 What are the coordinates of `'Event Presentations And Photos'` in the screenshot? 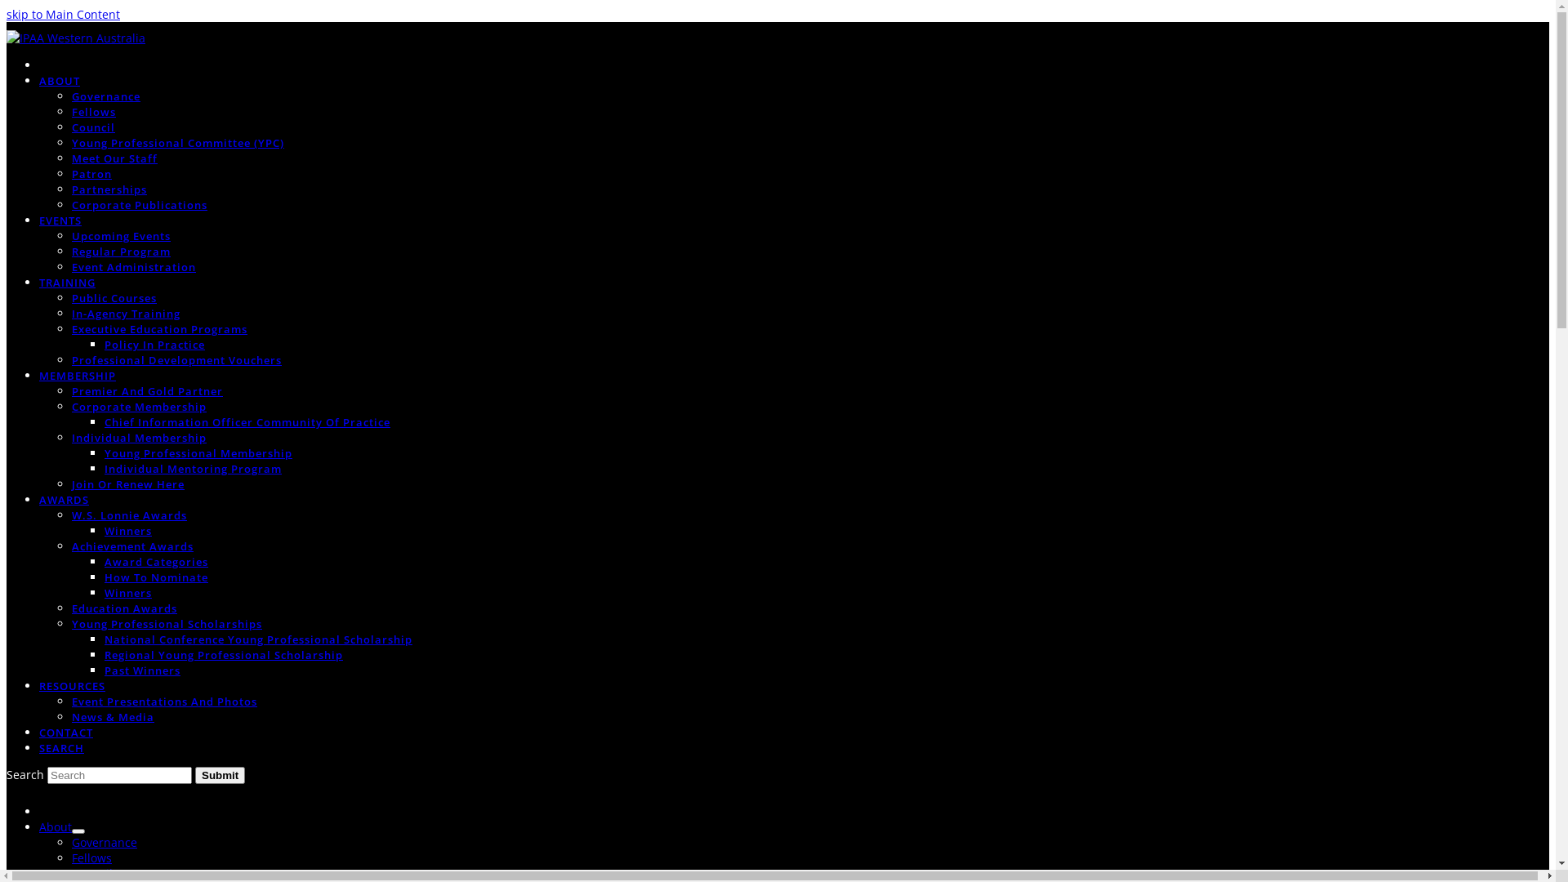 It's located at (164, 700).